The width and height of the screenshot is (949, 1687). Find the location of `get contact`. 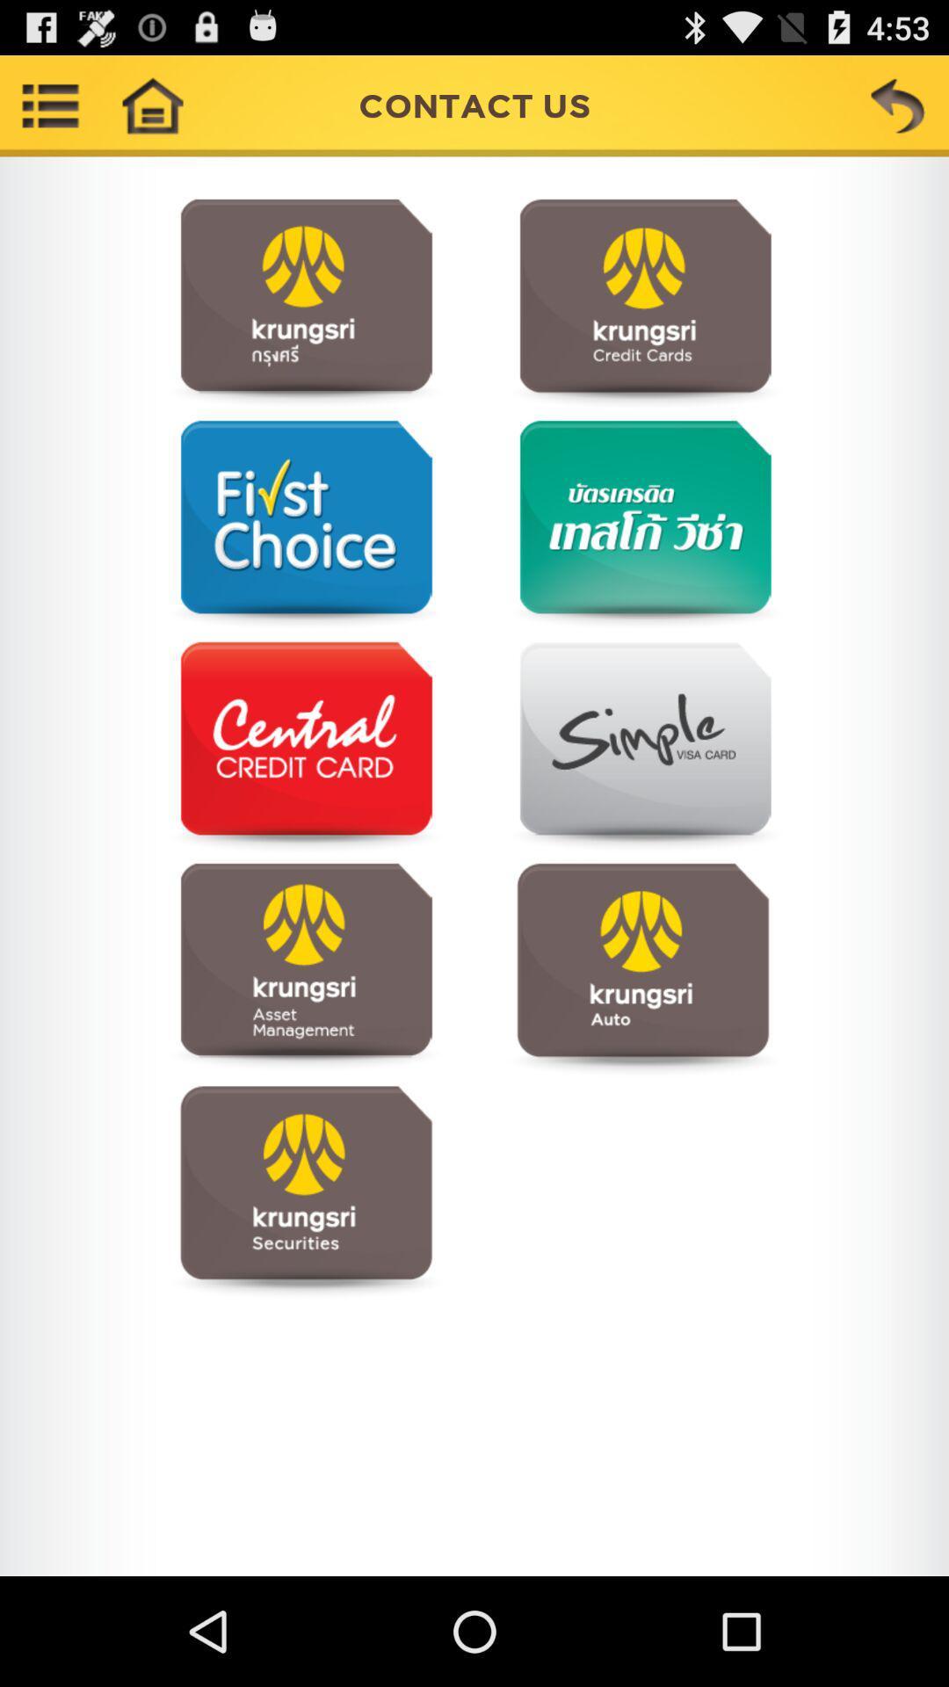

get contact is located at coordinates (305, 967).